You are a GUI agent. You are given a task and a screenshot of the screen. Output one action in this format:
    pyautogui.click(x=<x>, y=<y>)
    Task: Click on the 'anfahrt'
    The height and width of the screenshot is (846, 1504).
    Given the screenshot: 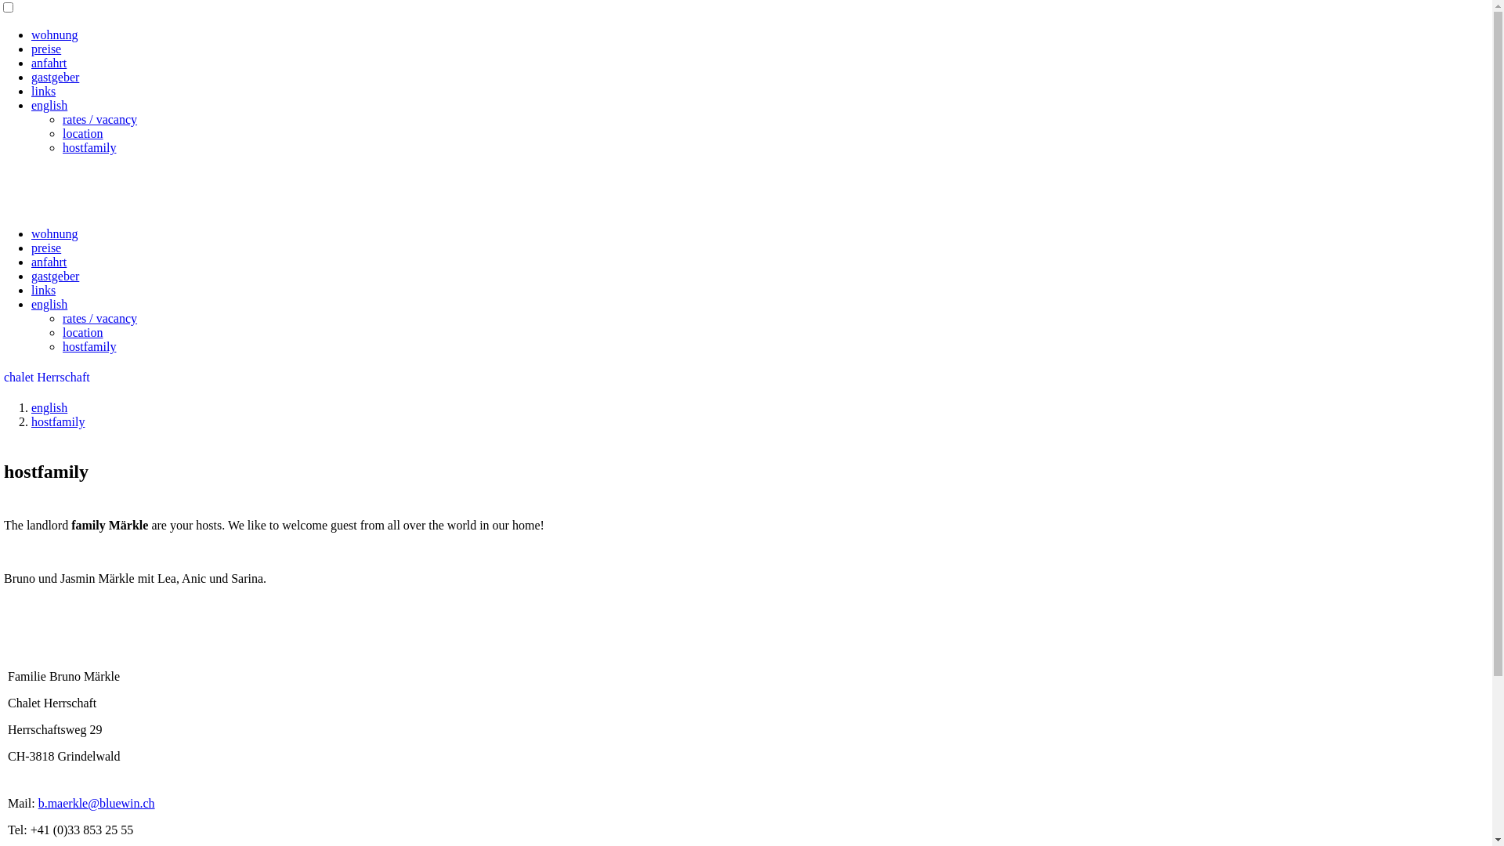 What is the action you would take?
    pyautogui.click(x=49, y=62)
    